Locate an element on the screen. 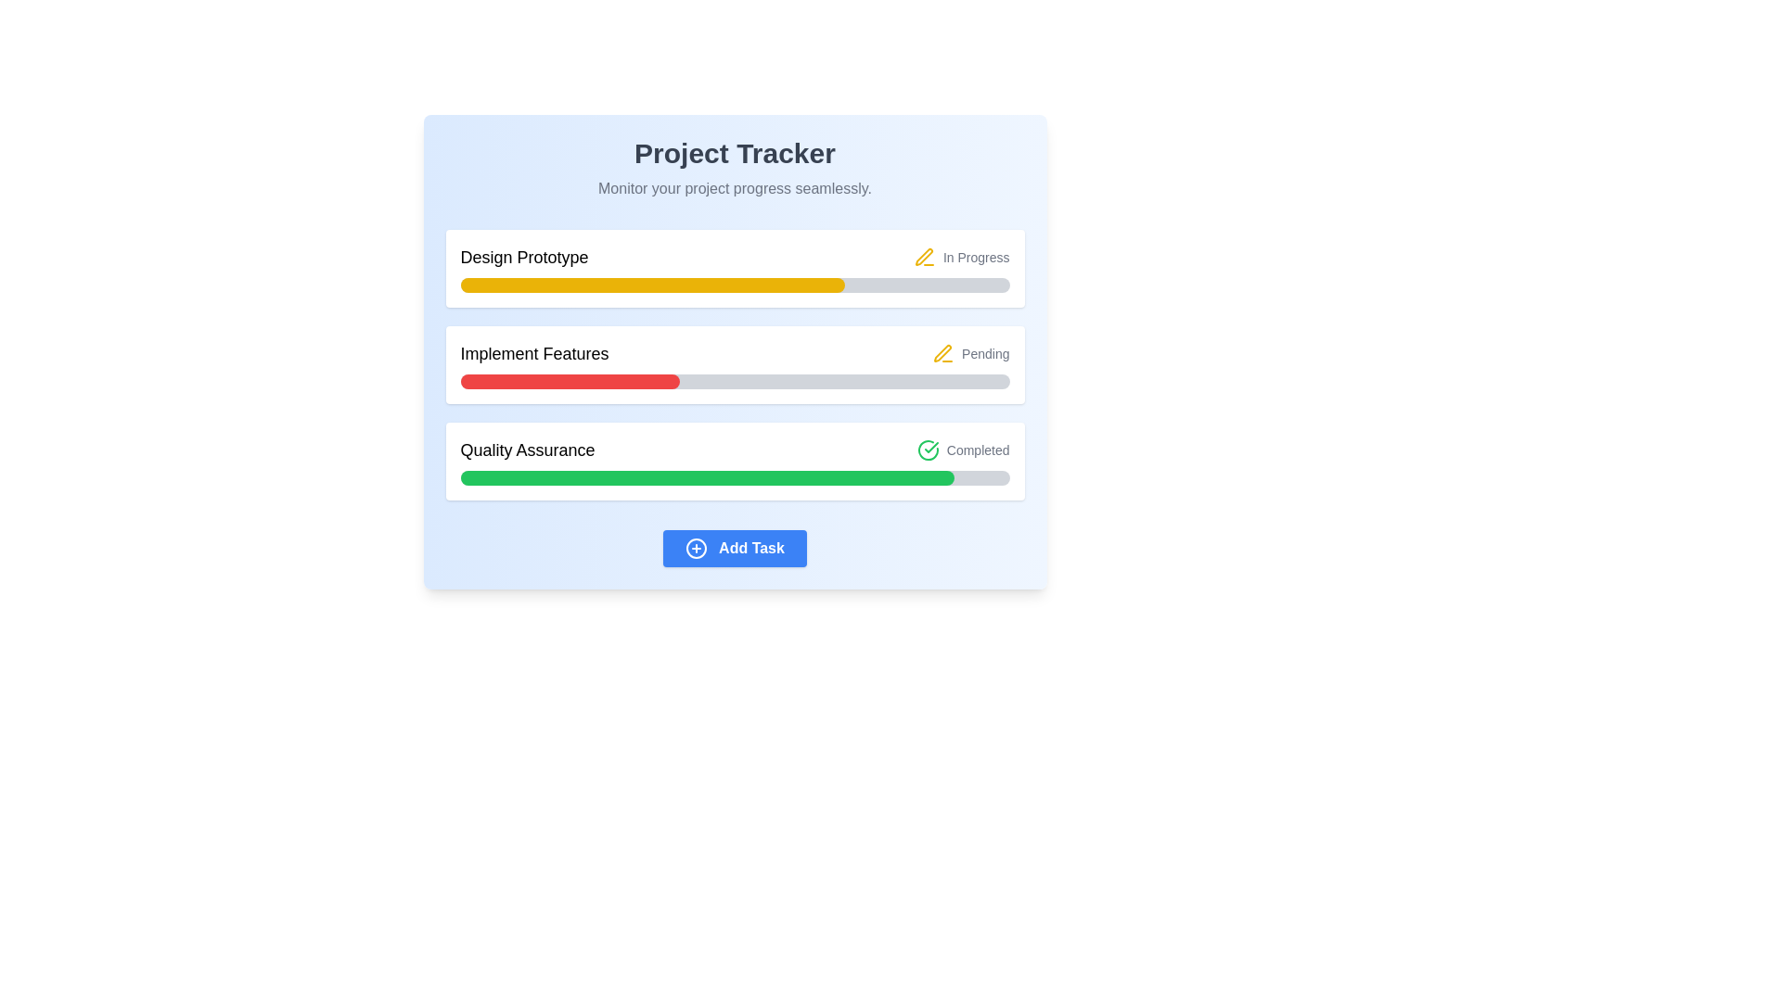 The height and width of the screenshot is (1001, 1781). the green checkmark icon within the 'Quality Assurance' section, indicating completion, adjacent to the text labeled 'Completed' is located at coordinates (931, 447).